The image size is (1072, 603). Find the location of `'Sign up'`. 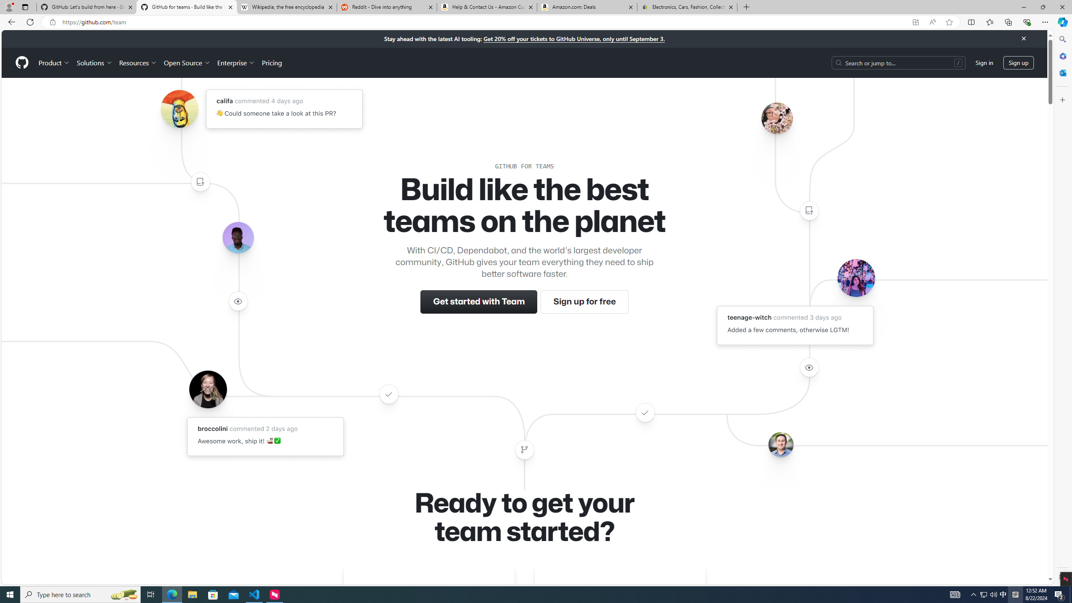

'Sign up' is located at coordinates (1018, 62).